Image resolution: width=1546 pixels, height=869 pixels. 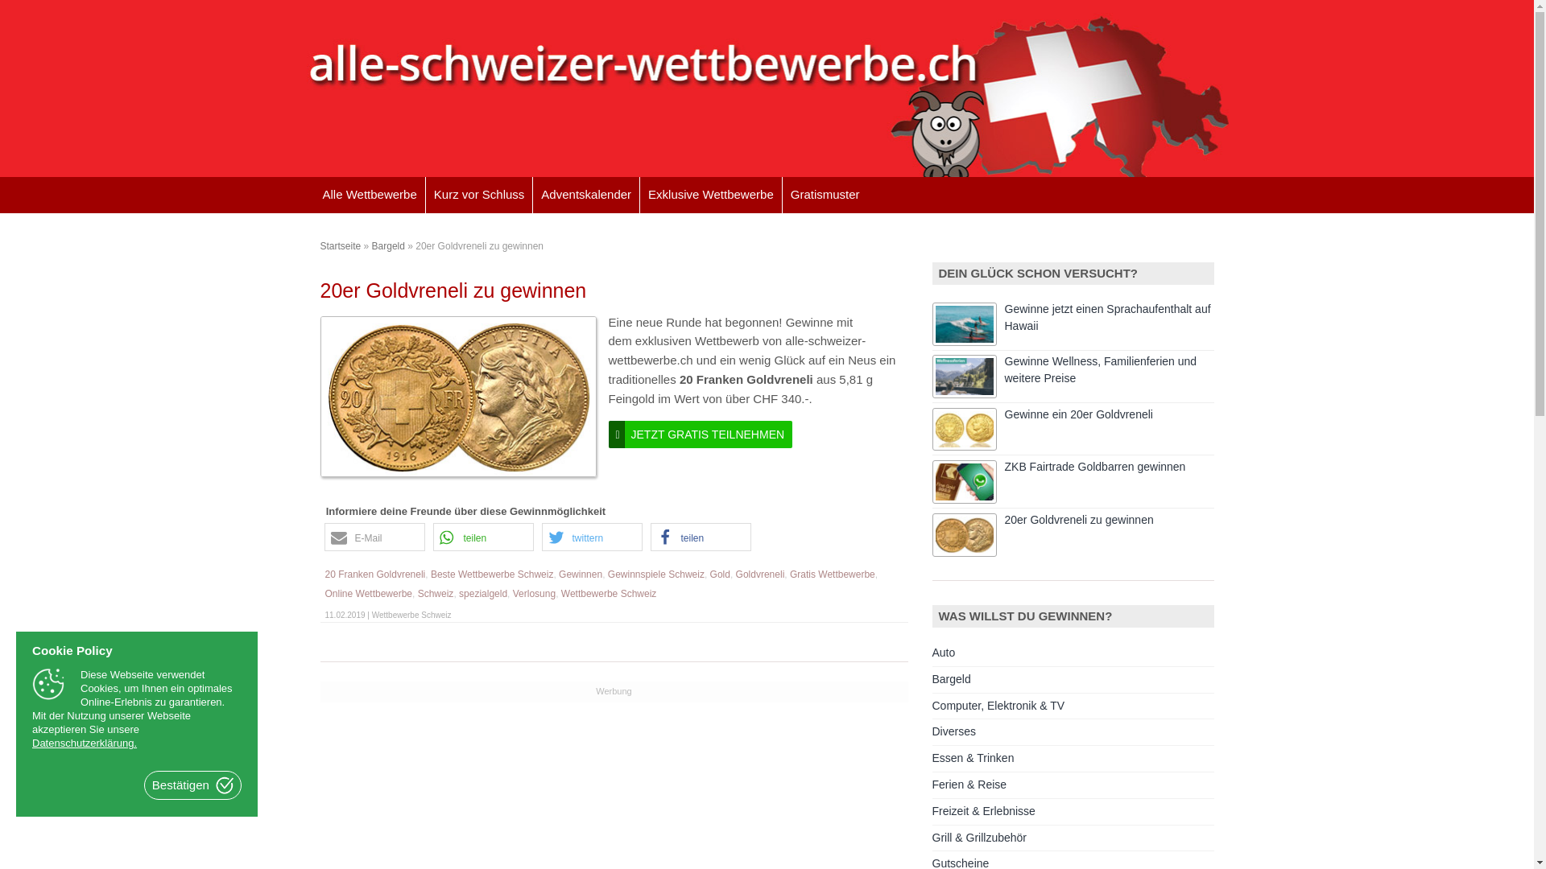 What do you see at coordinates (388, 245) in the screenshot?
I see `'Bargeld'` at bounding box center [388, 245].